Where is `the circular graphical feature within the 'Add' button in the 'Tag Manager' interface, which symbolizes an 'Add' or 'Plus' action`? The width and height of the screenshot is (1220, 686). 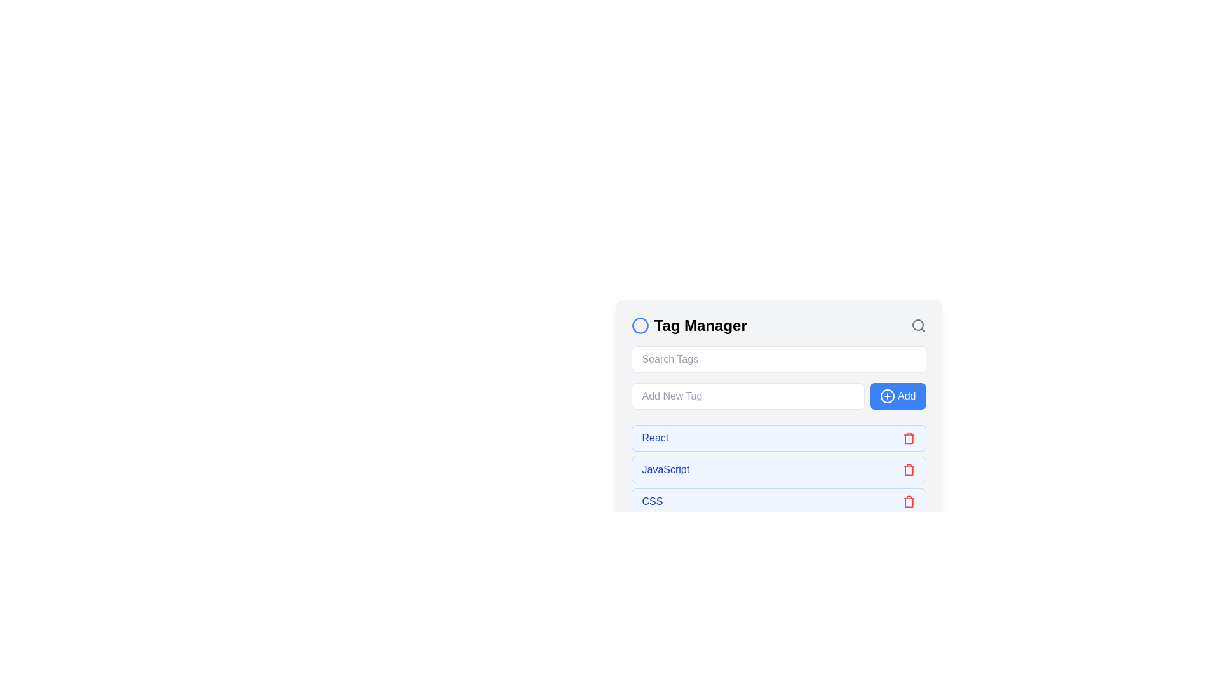
the circular graphical feature within the 'Add' button in the 'Tag Manager' interface, which symbolizes an 'Add' or 'Plus' action is located at coordinates (886, 396).